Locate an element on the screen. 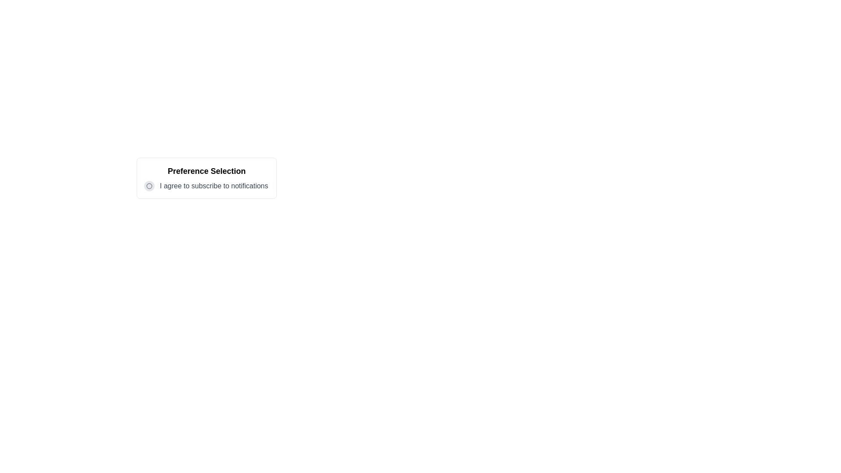 This screenshot has width=841, height=473. the checkbox in the Checkbox Label Pair for subscription notifications located below the 'Preference Selection' title is located at coordinates (206, 185).